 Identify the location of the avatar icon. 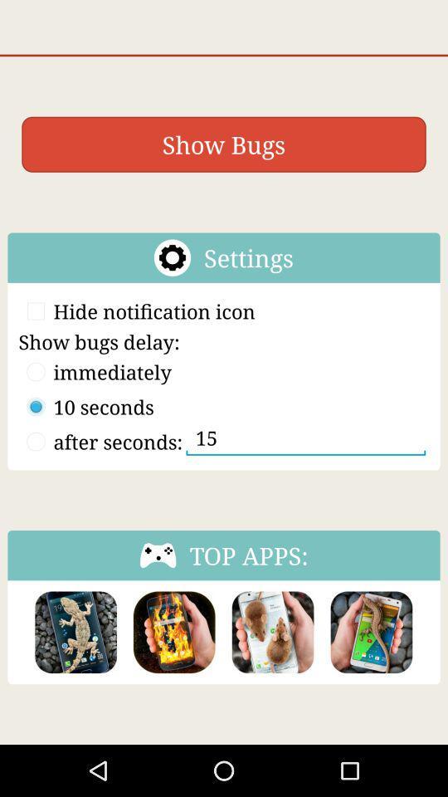
(75, 677).